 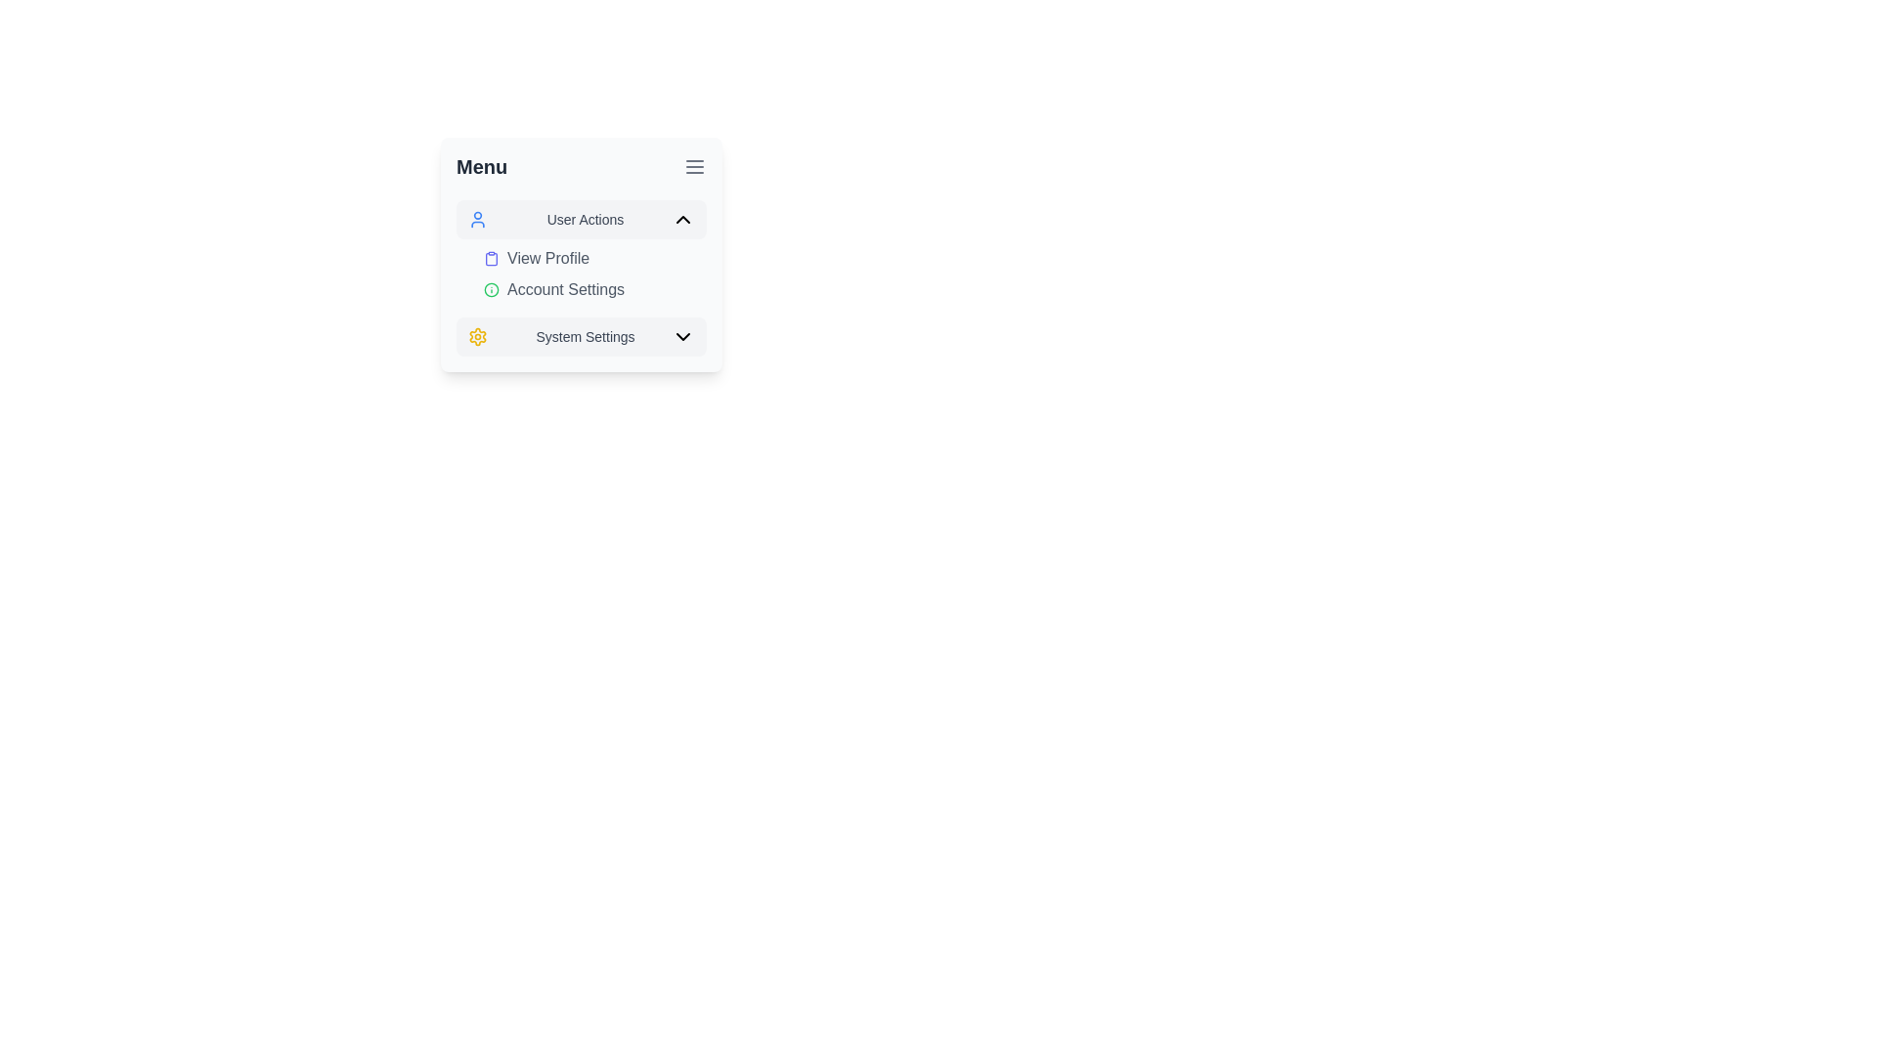 What do you see at coordinates (581, 219) in the screenshot?
I see `the 'User Actions' toggle button located at the top section of the menu panel` at bounding box center [581, 219].